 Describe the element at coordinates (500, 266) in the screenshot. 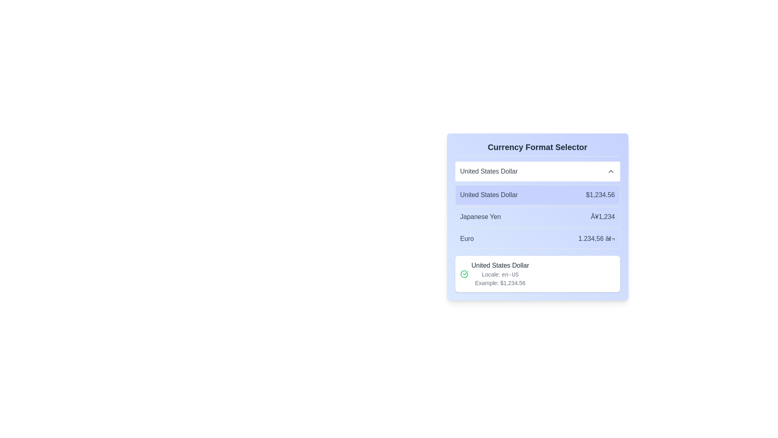

I see `the text label displaying 'United States Dollar', which is styled in a medium font and gray color, positioned above the 'Locale: en-US' and 'Example: $1,234.56' elements` at that location.